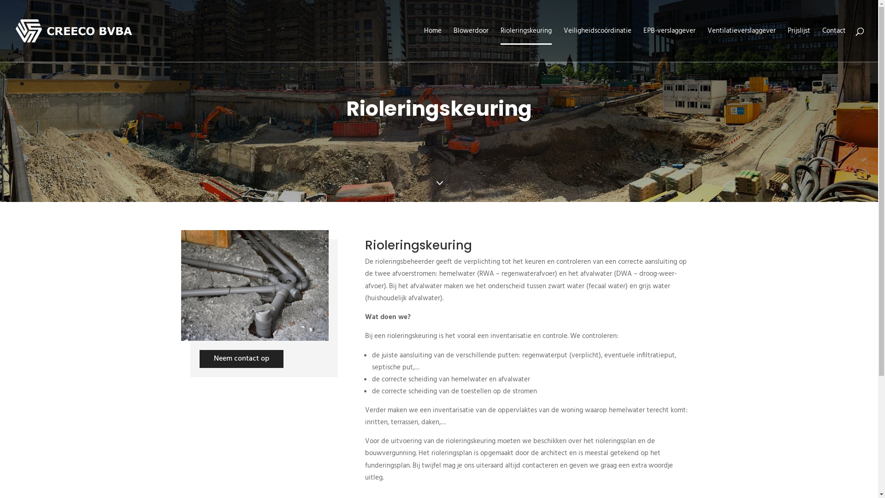  I want to click on 'Home', so click(432, 44).